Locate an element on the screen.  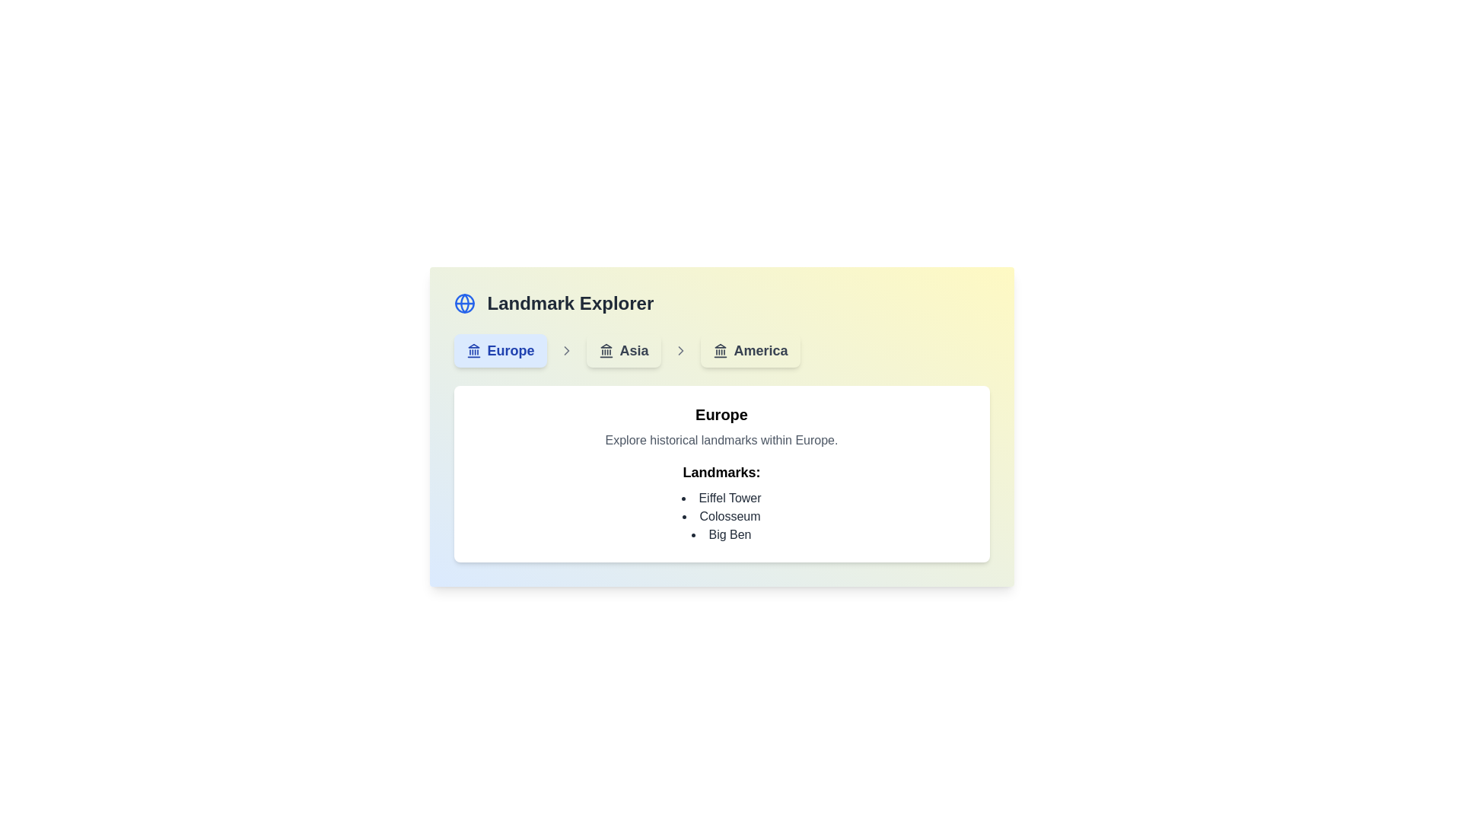
the right-pointing chevron icon, which is located between the 'Asia' and 'America' buttons is located at coordinates (680, 351).